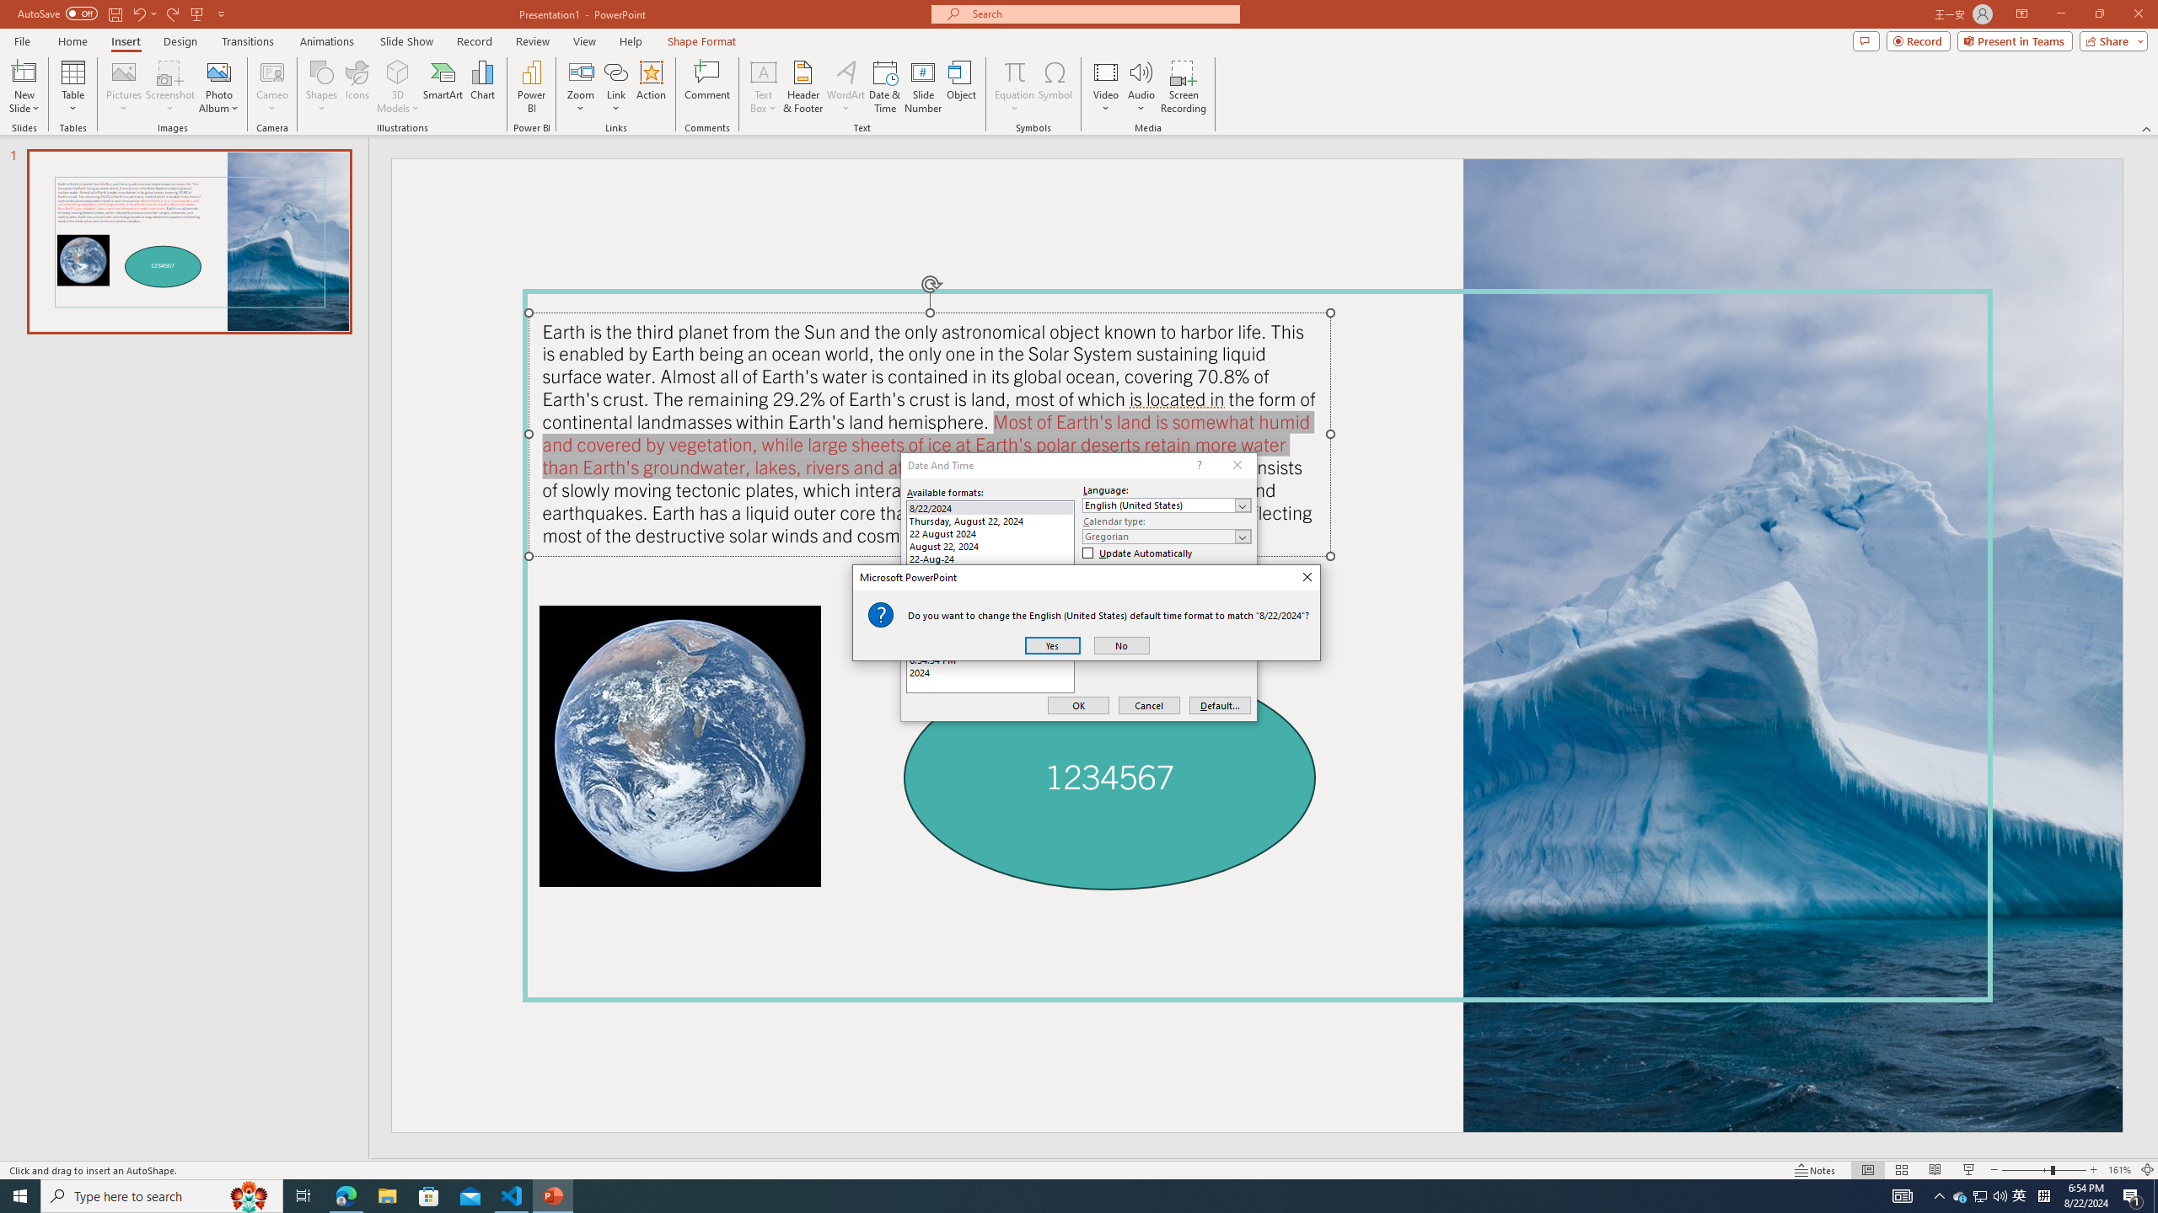  What do you see at coordinates (217, 71) in the screenshot?
I see `'New Photo Album...'` at bounding box center [217, 71].